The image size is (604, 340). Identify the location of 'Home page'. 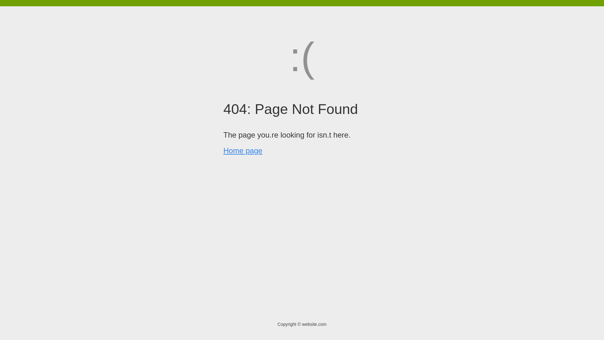
(243, 150).